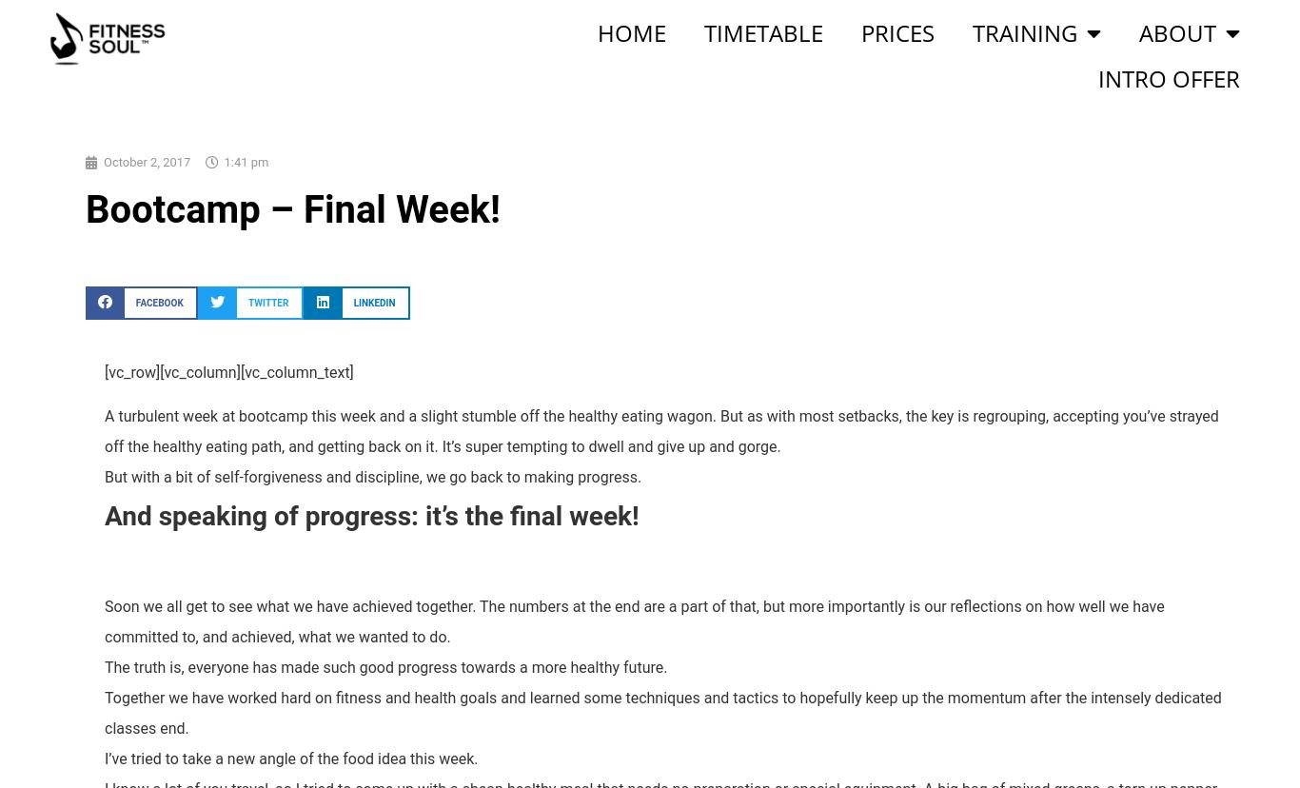 The image size is (1300, 788). What do you see at coordinates (246, 162) in the screenshot?
I see `'1:41 pm'` at bounding box center [246, 162].